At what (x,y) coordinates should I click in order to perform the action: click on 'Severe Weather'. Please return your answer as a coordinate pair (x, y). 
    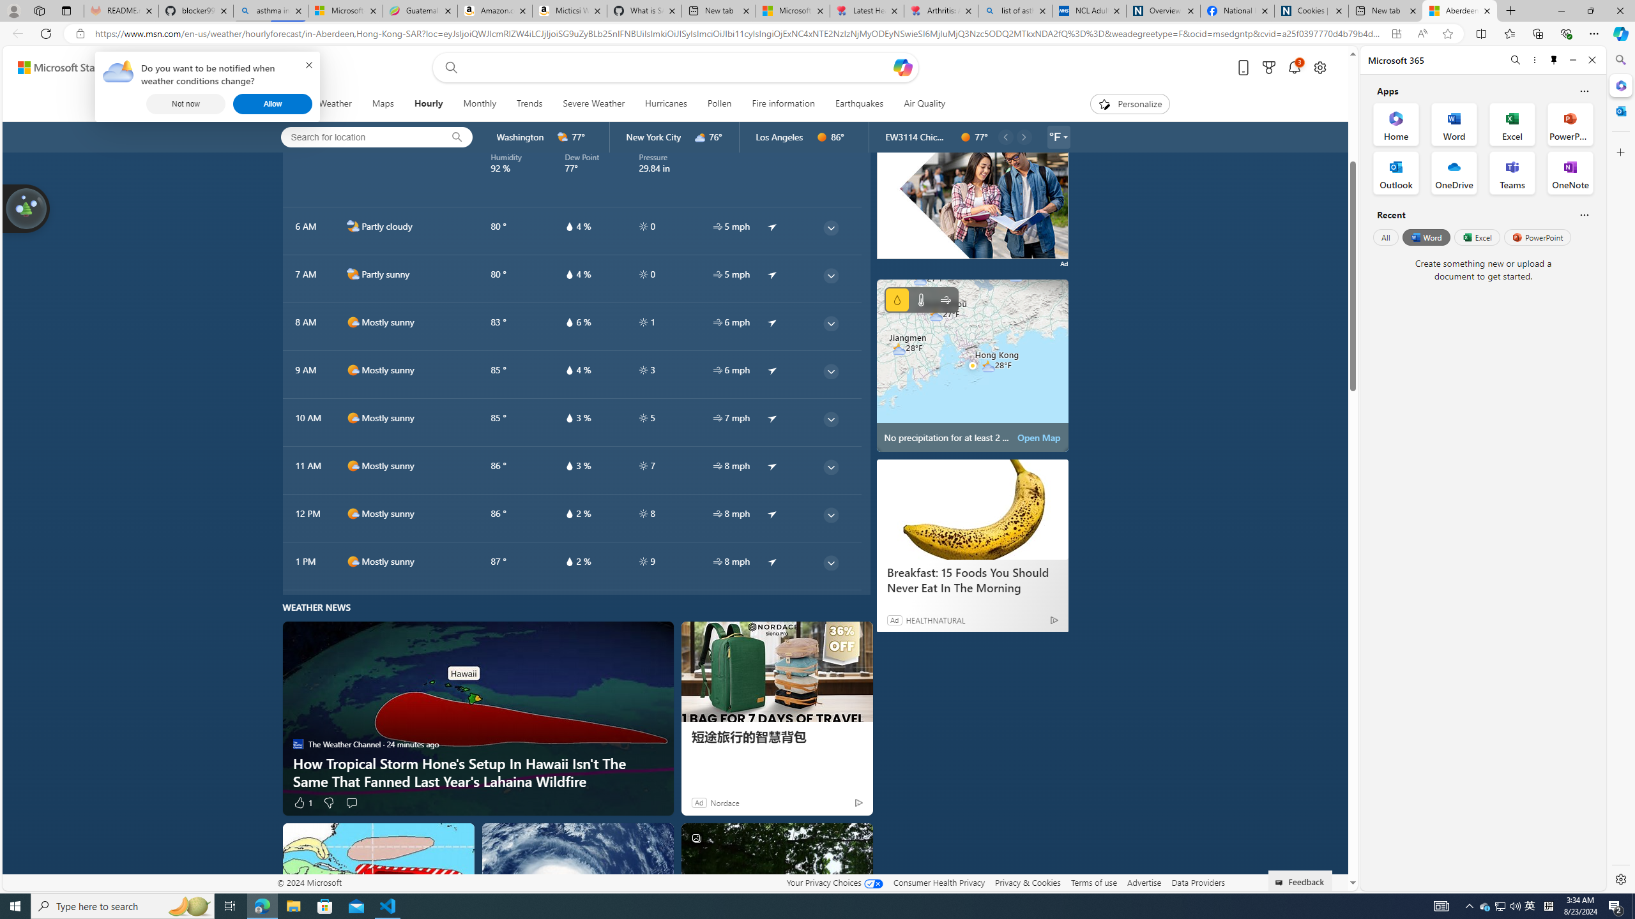
    Looking at the image, I should click on (593, 103).